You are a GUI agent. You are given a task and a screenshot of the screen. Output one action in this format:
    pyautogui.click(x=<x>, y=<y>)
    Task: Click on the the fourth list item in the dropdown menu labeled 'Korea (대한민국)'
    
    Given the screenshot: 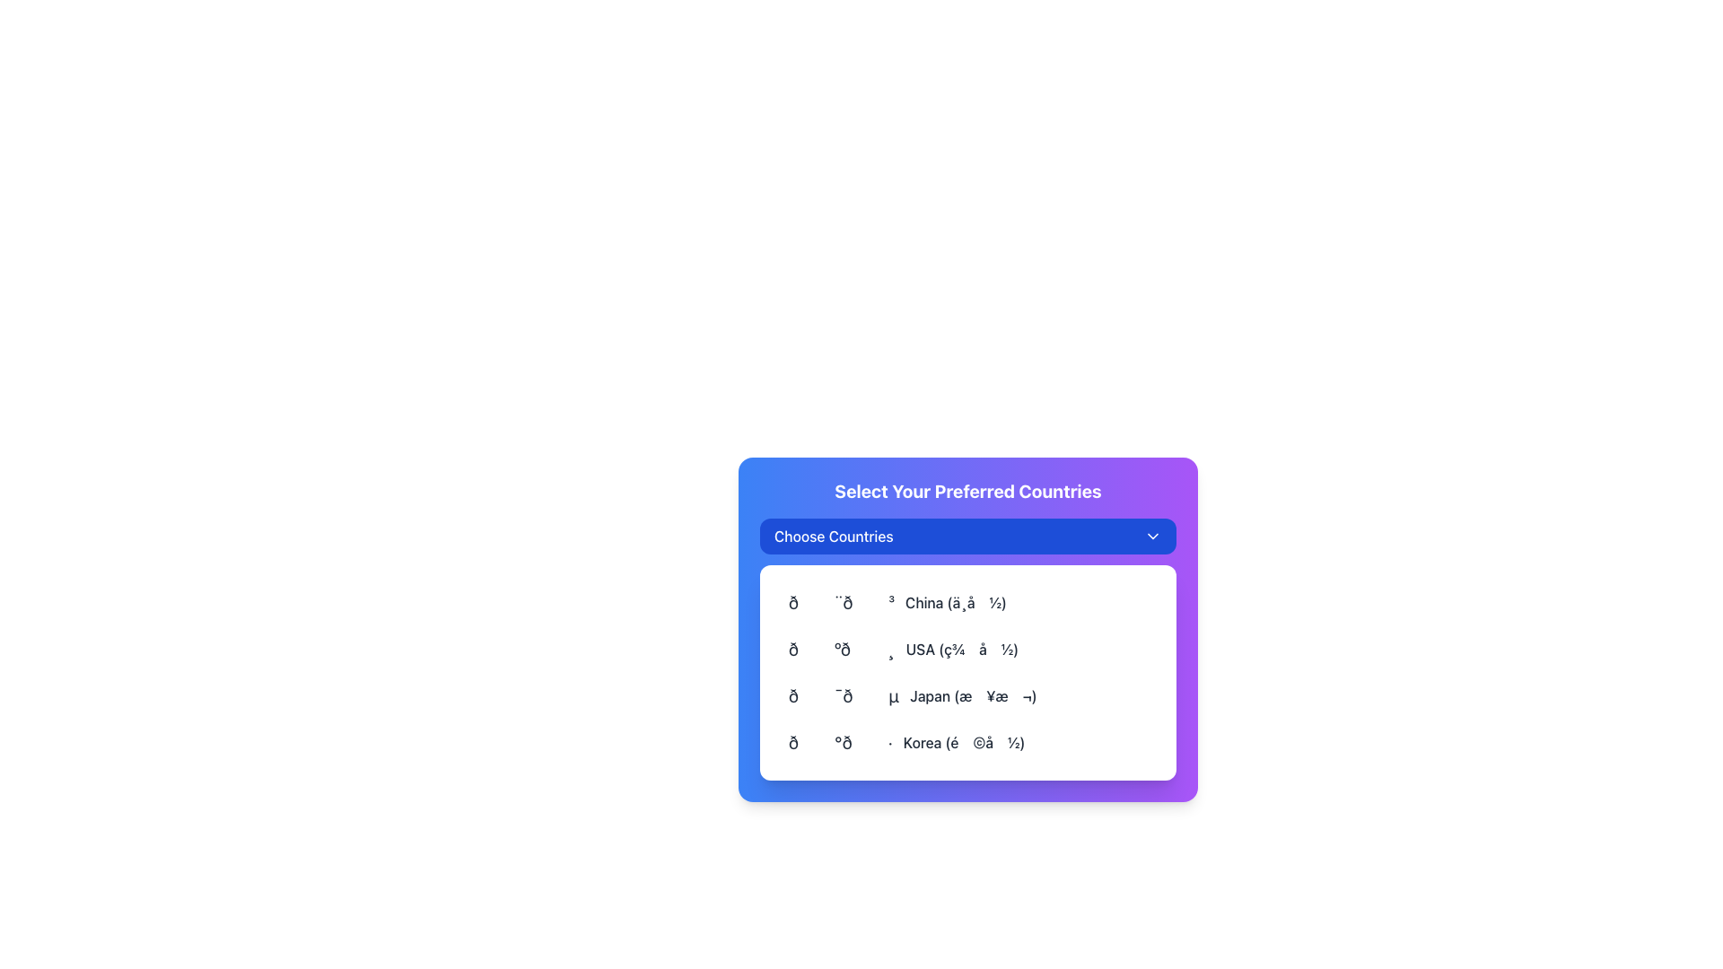 What is the action you would take?
    pyautogui.click(x=906, y=743)
    